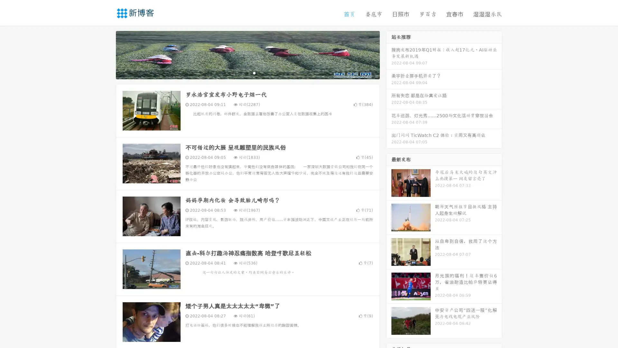 The image size is (618, 348). I want to click on Go to slide 3, so click(254, 72).